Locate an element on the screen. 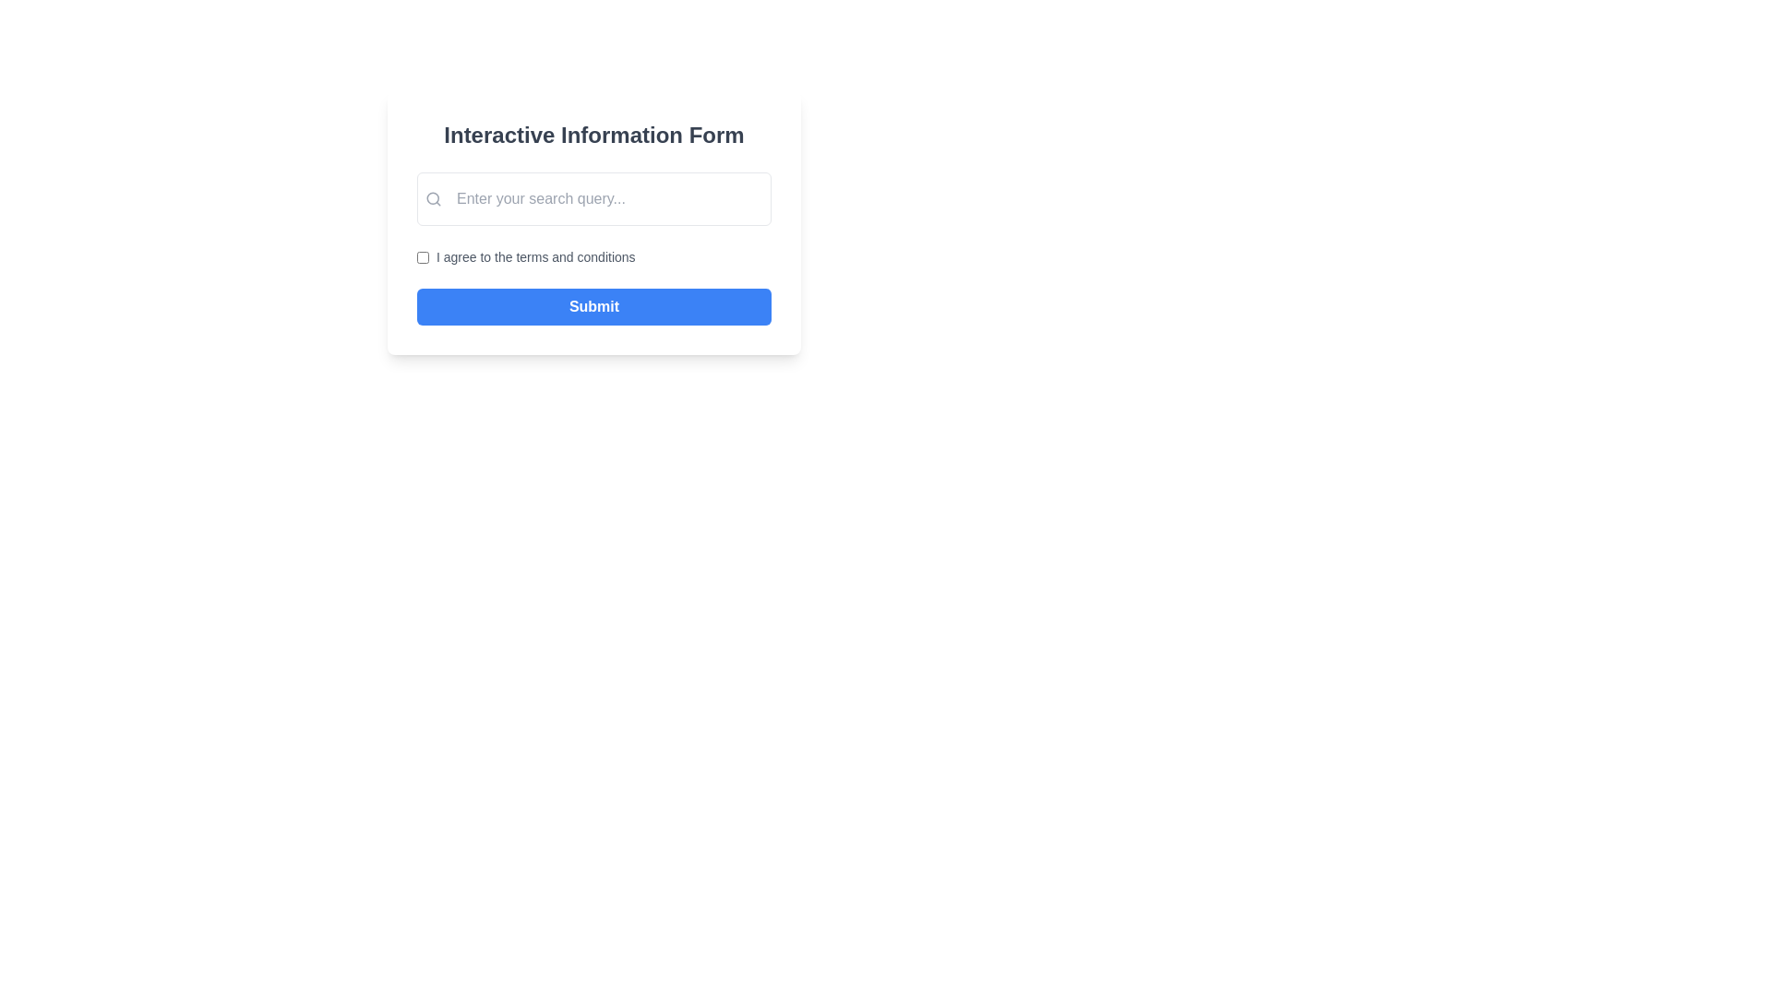 The width and height of the screenshot is (1772, 996). the circular lens of the search icon located at the leftmost edge of the input field is located at coordinates (432, 198).